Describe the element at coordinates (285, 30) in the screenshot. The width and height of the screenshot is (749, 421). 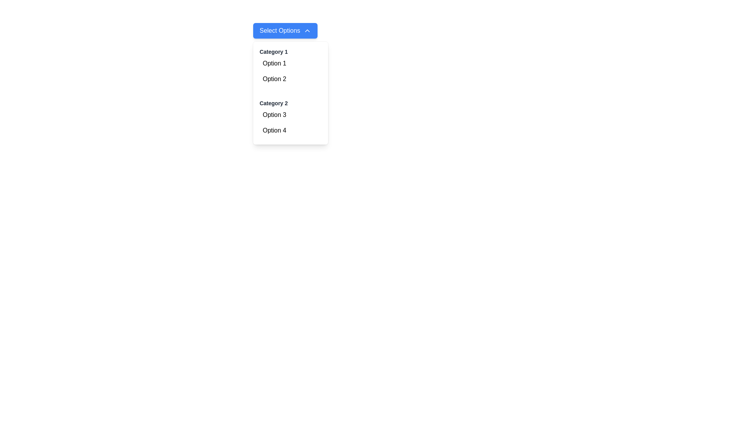
I see `the button with a blue background and white text that reads 'Select Options', which is the first interactive element in a dropdown menu` at that location.